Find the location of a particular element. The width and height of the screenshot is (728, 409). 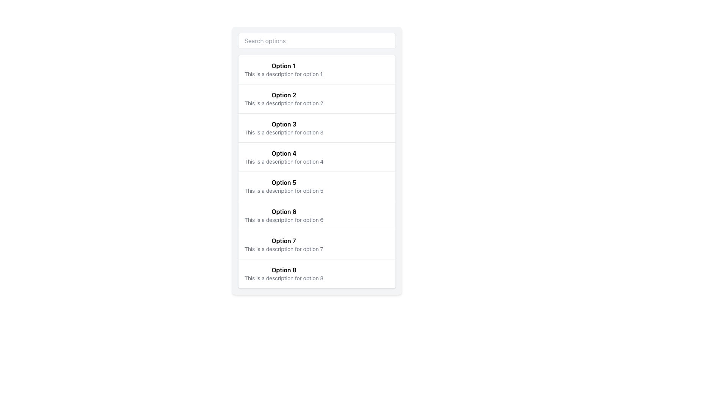

the text element styled in a smaller grey font that reads 'This is a description for option 7', located underneath the bold title 'Option 7' is located at coordinates (283, 249).